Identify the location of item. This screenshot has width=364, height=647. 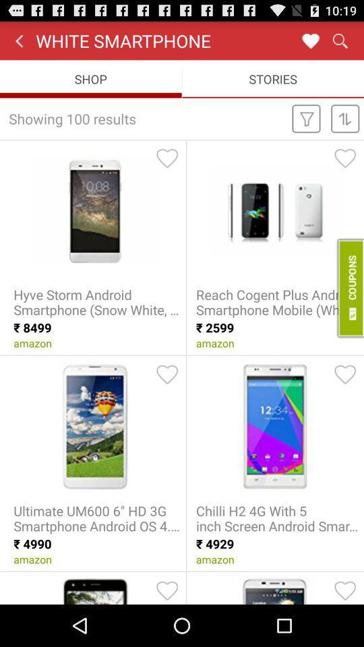
(345, 374).